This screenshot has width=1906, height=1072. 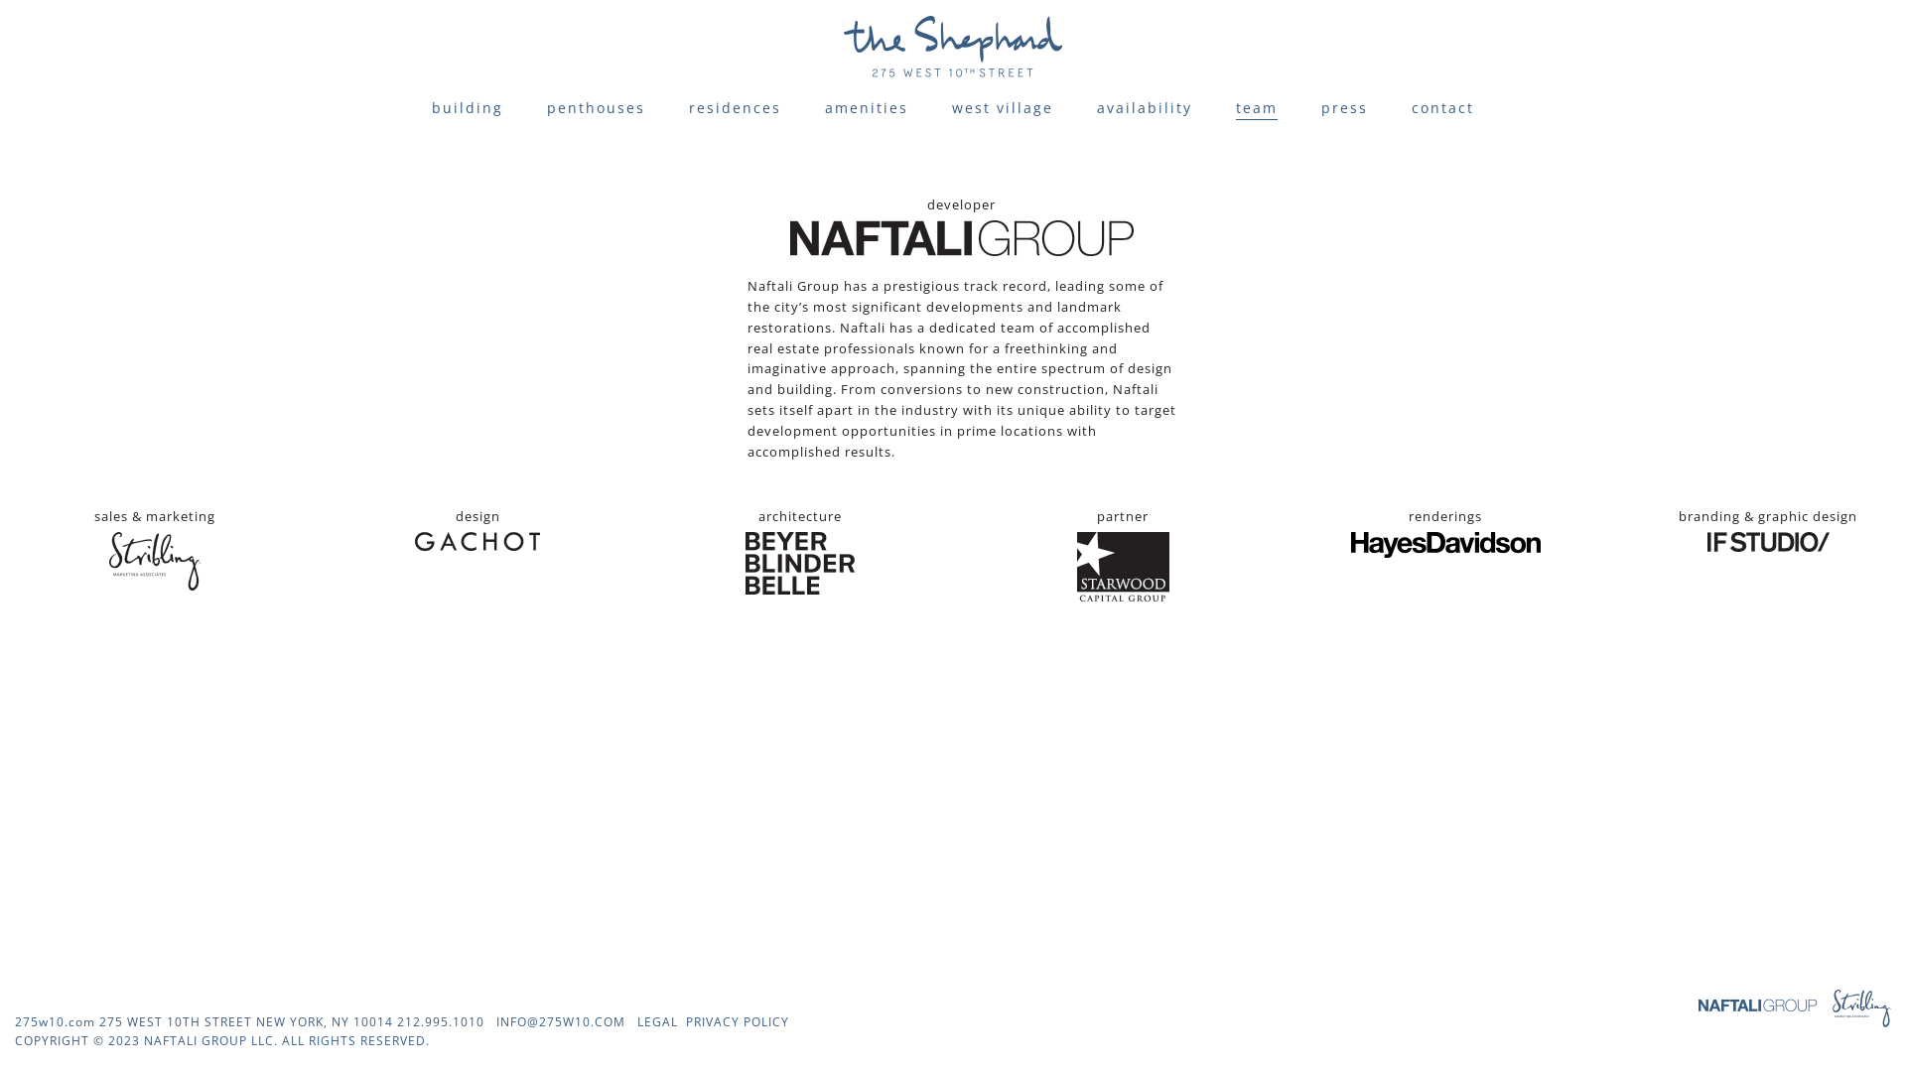 What do you see at coordinates (689, 107) in the screenshot?
I see `'residences'` at bounding box center [689, 107].